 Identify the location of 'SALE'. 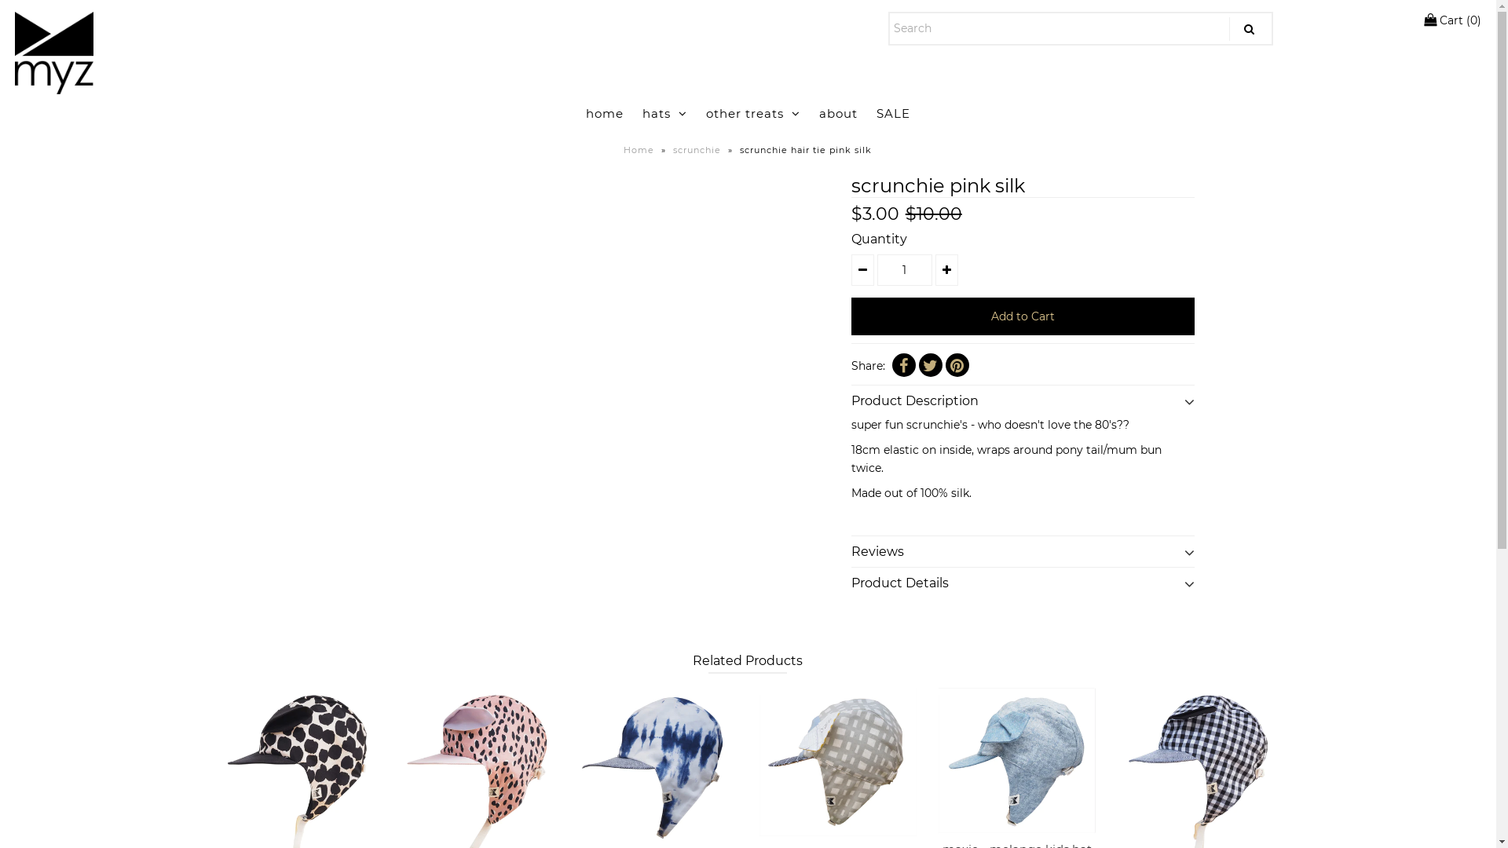
(893, 113).